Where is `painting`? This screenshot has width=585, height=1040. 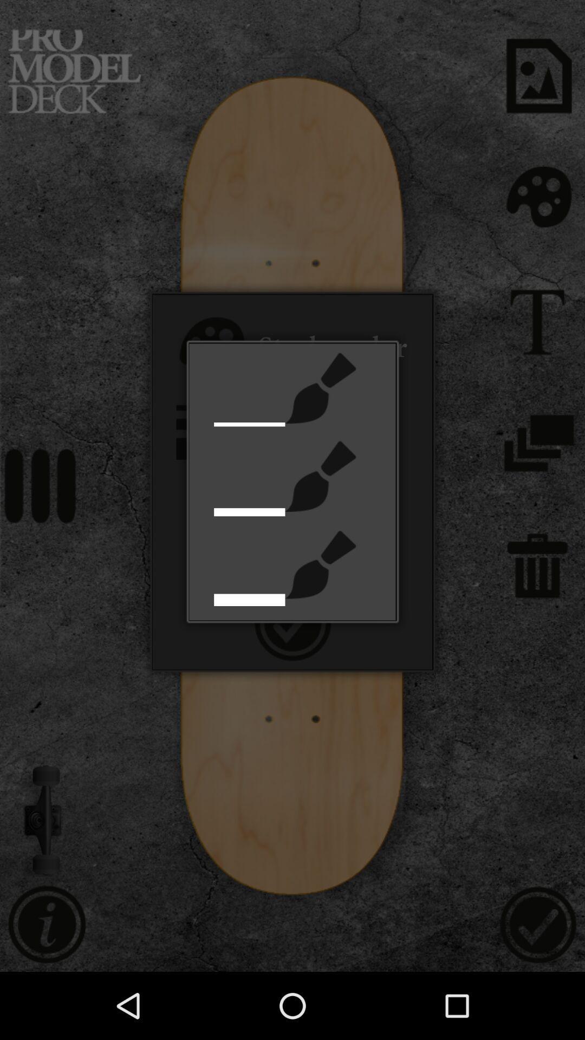 painting is located at coordinates (320, 564).